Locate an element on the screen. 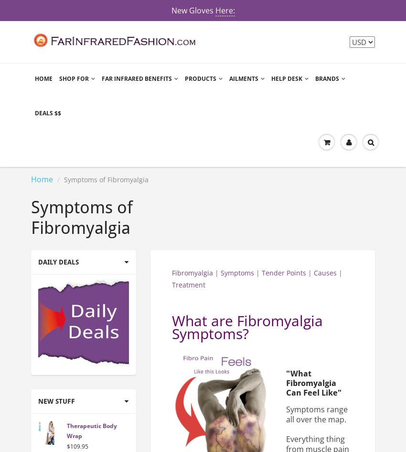 The image size is (406, 452). 'Fibromyalgia' is located at coordinates (192, 272).